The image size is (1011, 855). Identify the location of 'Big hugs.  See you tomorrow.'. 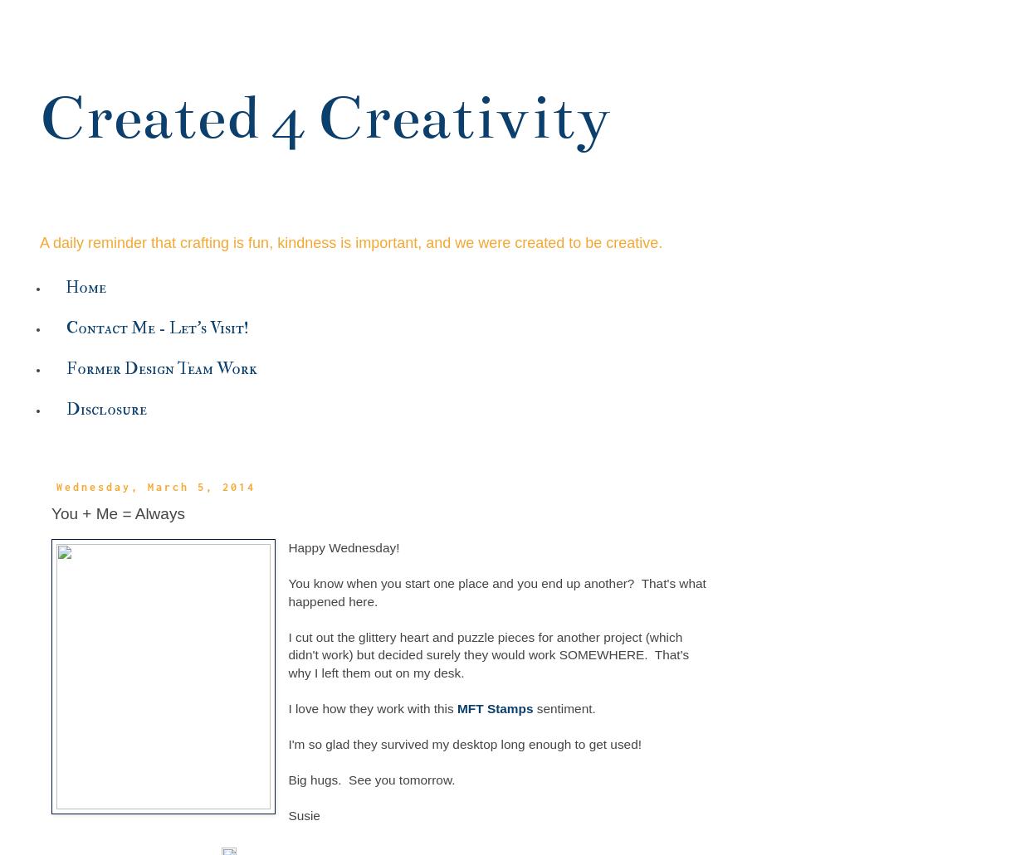
(371, 779).